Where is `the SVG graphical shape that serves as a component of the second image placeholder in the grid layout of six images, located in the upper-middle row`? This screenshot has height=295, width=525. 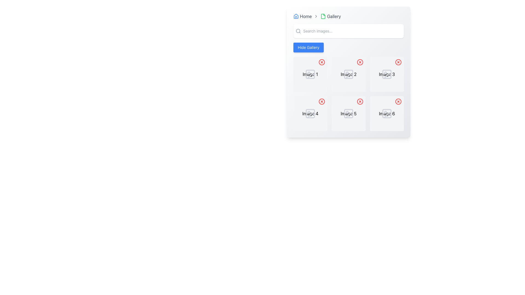 the SVG graphical shape that serves as a component of the second image placeholder in the grid layout of six images, located in the upper-middle row is located at coordinates (348, 74).